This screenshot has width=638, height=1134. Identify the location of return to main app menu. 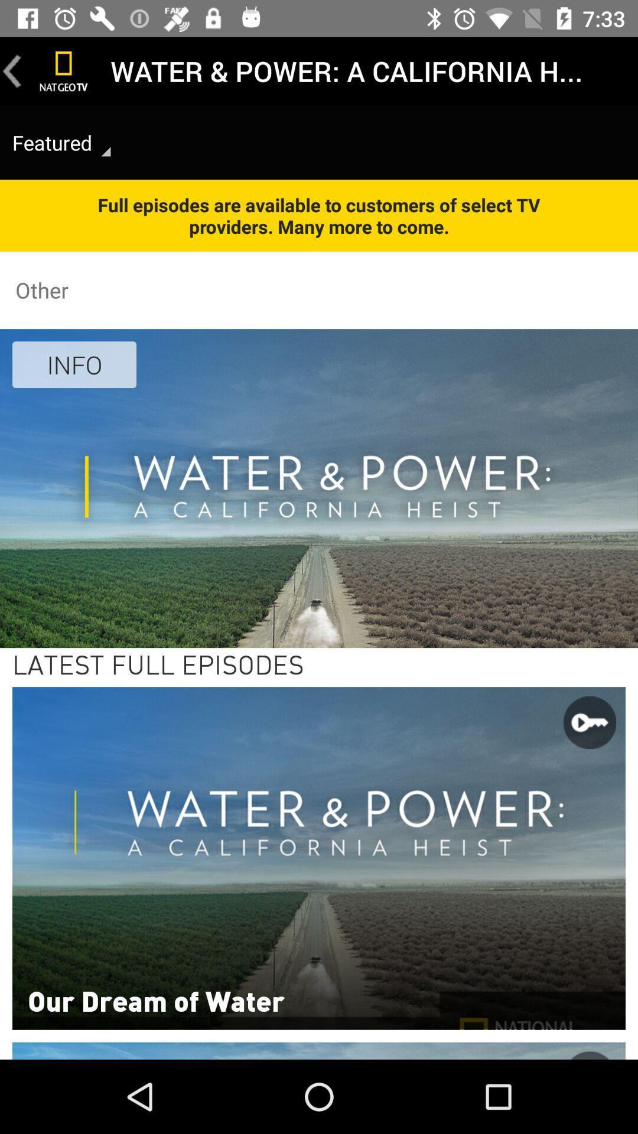
(64, 70).